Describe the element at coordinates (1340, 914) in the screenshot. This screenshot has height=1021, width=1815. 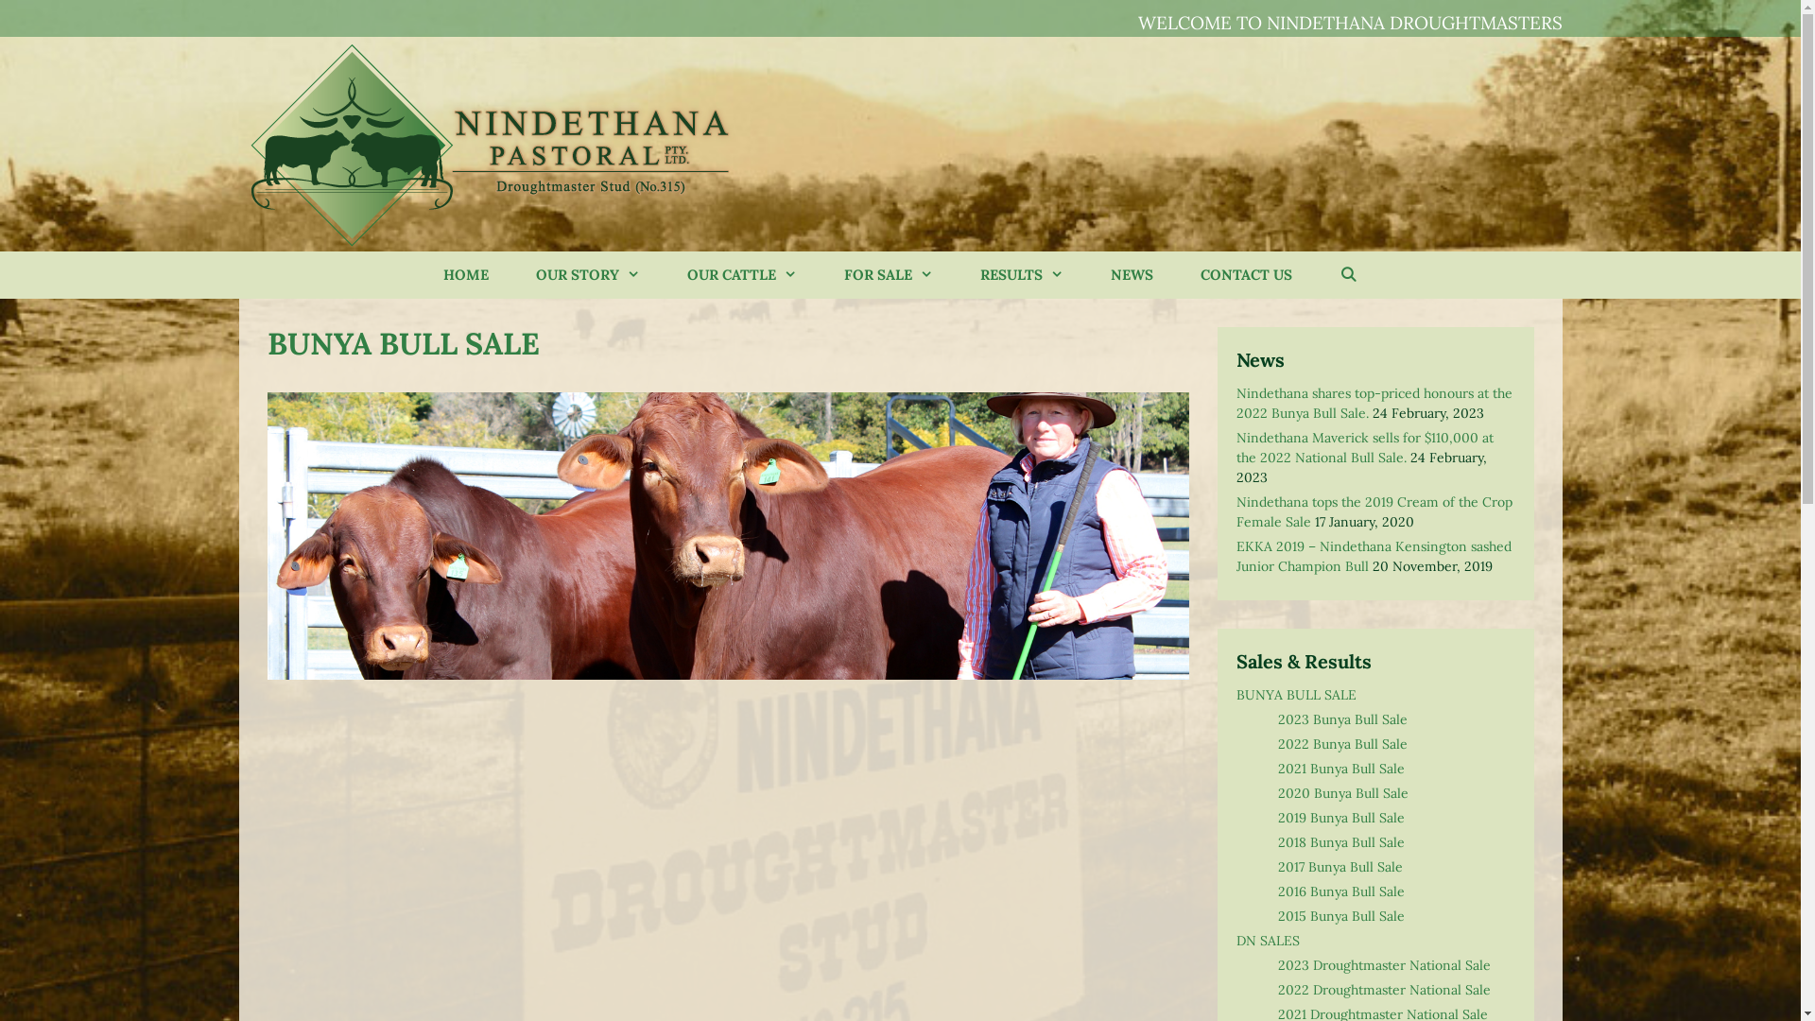
I see `'2015 Bunya Bull Sale'` at that location.